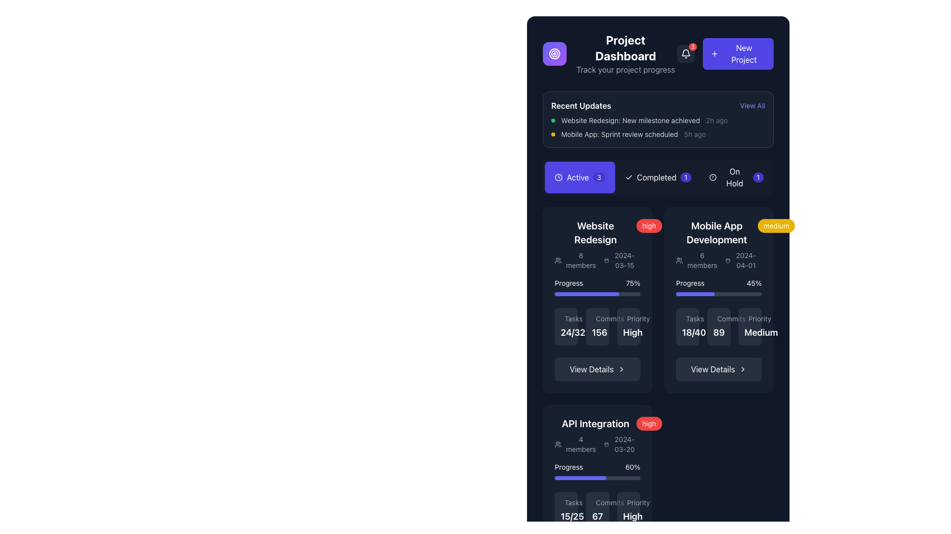 This screenshot has height=534, width=951. Describe the element at coordinates (689, 283) in the screenshot. I see `the 'Progress' text label displayed in white sans-serif font, located above the progress bar in the 'Mobile App Development' card` at that location.